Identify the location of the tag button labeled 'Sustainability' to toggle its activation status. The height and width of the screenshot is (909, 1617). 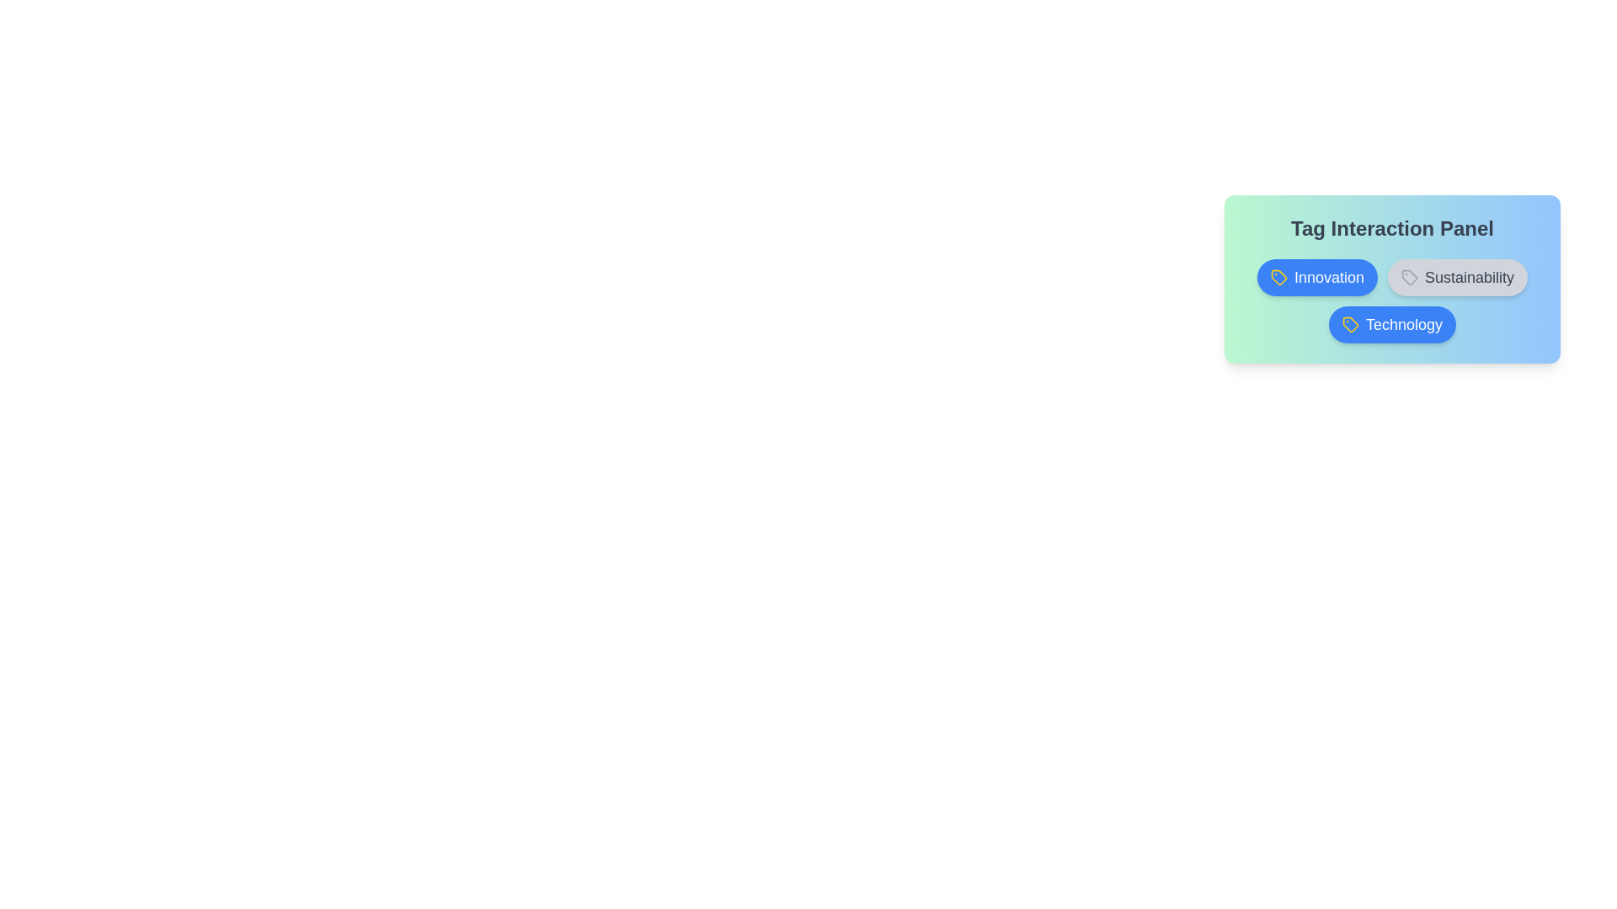
(1457, 277).